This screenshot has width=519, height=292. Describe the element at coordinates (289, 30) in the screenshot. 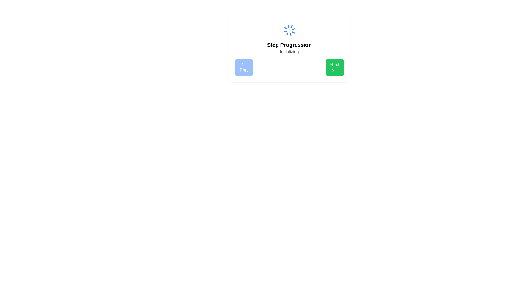

I see `the animated circular spinner icon located at the top center of the panel, which features blue lines radiating outward in a rotating effect` at that location.